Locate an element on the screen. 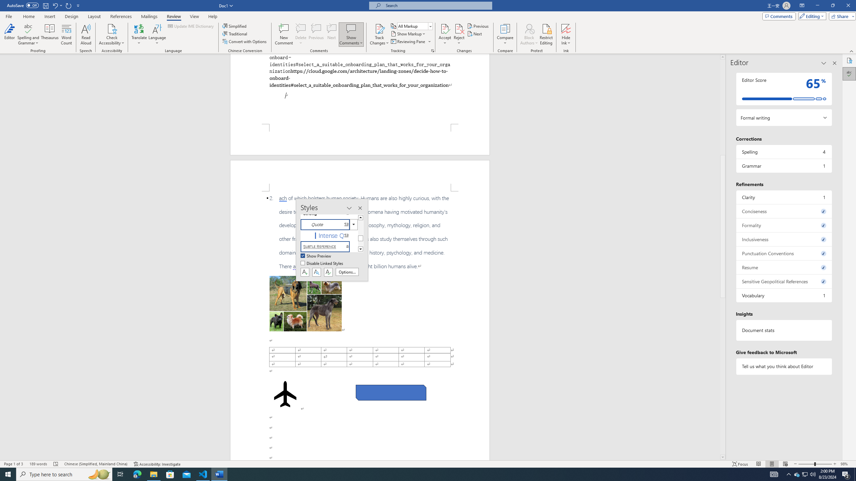  'Zoom' is located at coordinates (815, 464).